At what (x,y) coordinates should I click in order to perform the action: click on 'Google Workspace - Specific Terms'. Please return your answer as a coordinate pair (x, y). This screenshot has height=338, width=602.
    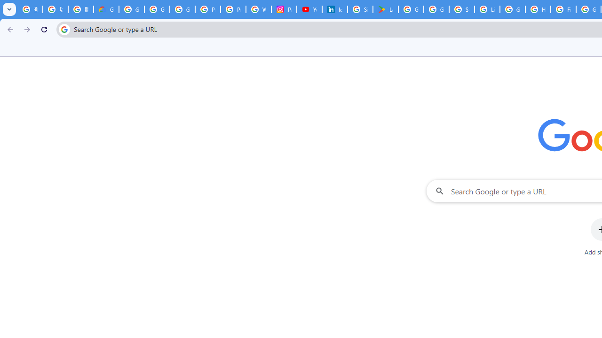
    Looking at the image, I should click on (436, 9).